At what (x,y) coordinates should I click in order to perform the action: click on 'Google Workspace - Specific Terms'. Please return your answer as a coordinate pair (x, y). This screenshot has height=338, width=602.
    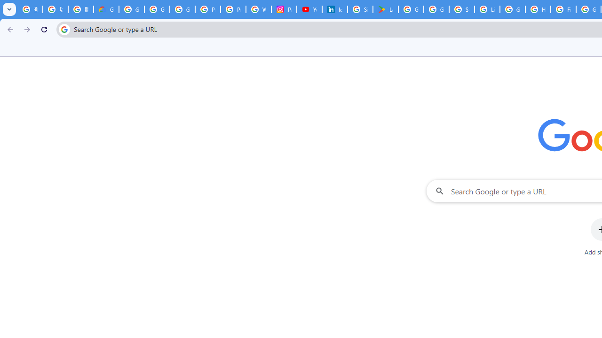
    Looking at the image, I should click on (436, 9).